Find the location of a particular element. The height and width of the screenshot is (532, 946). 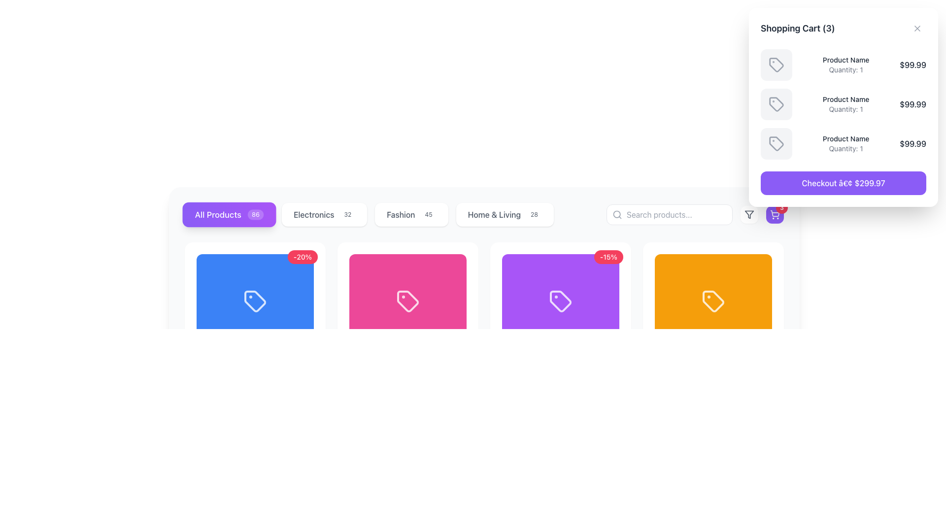

the Product Card with a pink background and a white tag icon, which is the second item from the left in a 4-column grid layout, to trigger animations is located at coordinates (408, 332).